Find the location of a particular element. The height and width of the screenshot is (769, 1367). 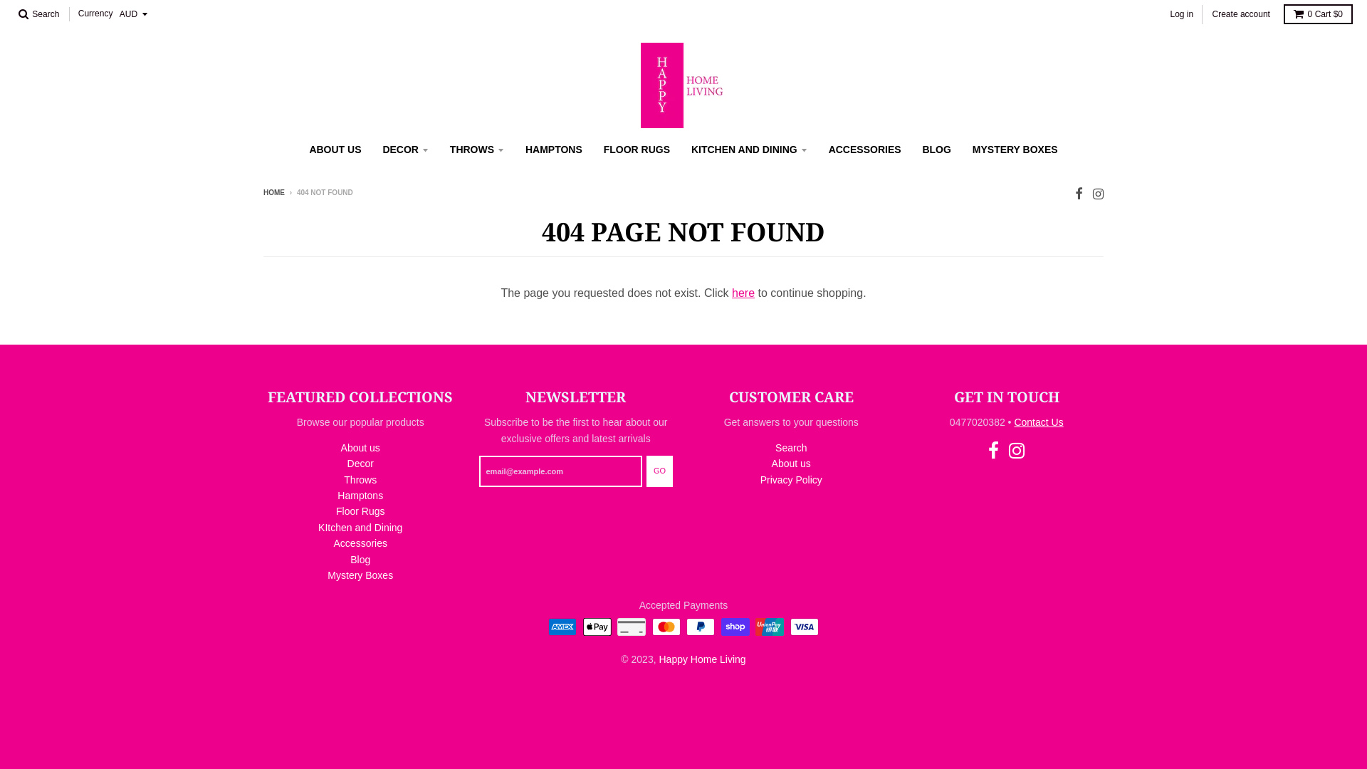

'Search' is located at coordinates (38, 14).